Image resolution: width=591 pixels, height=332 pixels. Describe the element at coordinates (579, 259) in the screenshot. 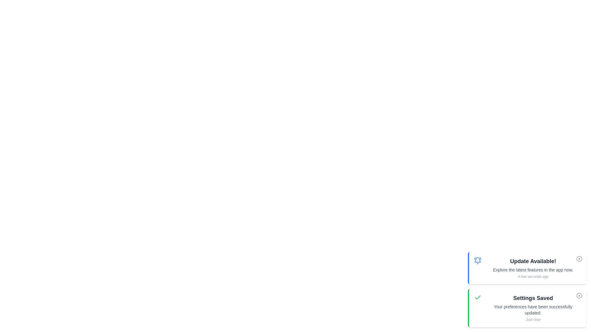

I see `the close button of the first notification` at that location.